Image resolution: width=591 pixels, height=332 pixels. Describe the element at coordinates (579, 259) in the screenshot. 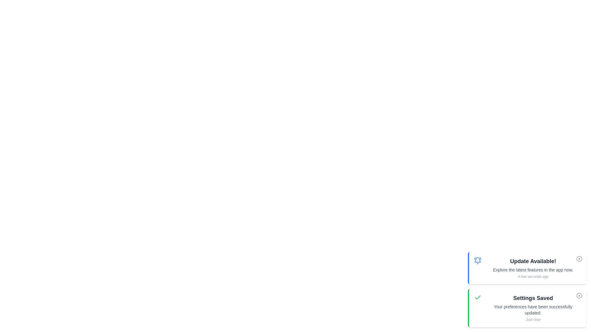

I see `the close button of the first notification` at that location.